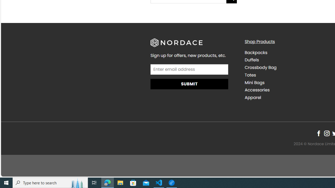 The width and height of the screenshot is (335, 188). I want to click on 'Accessories', so click(257, 90).